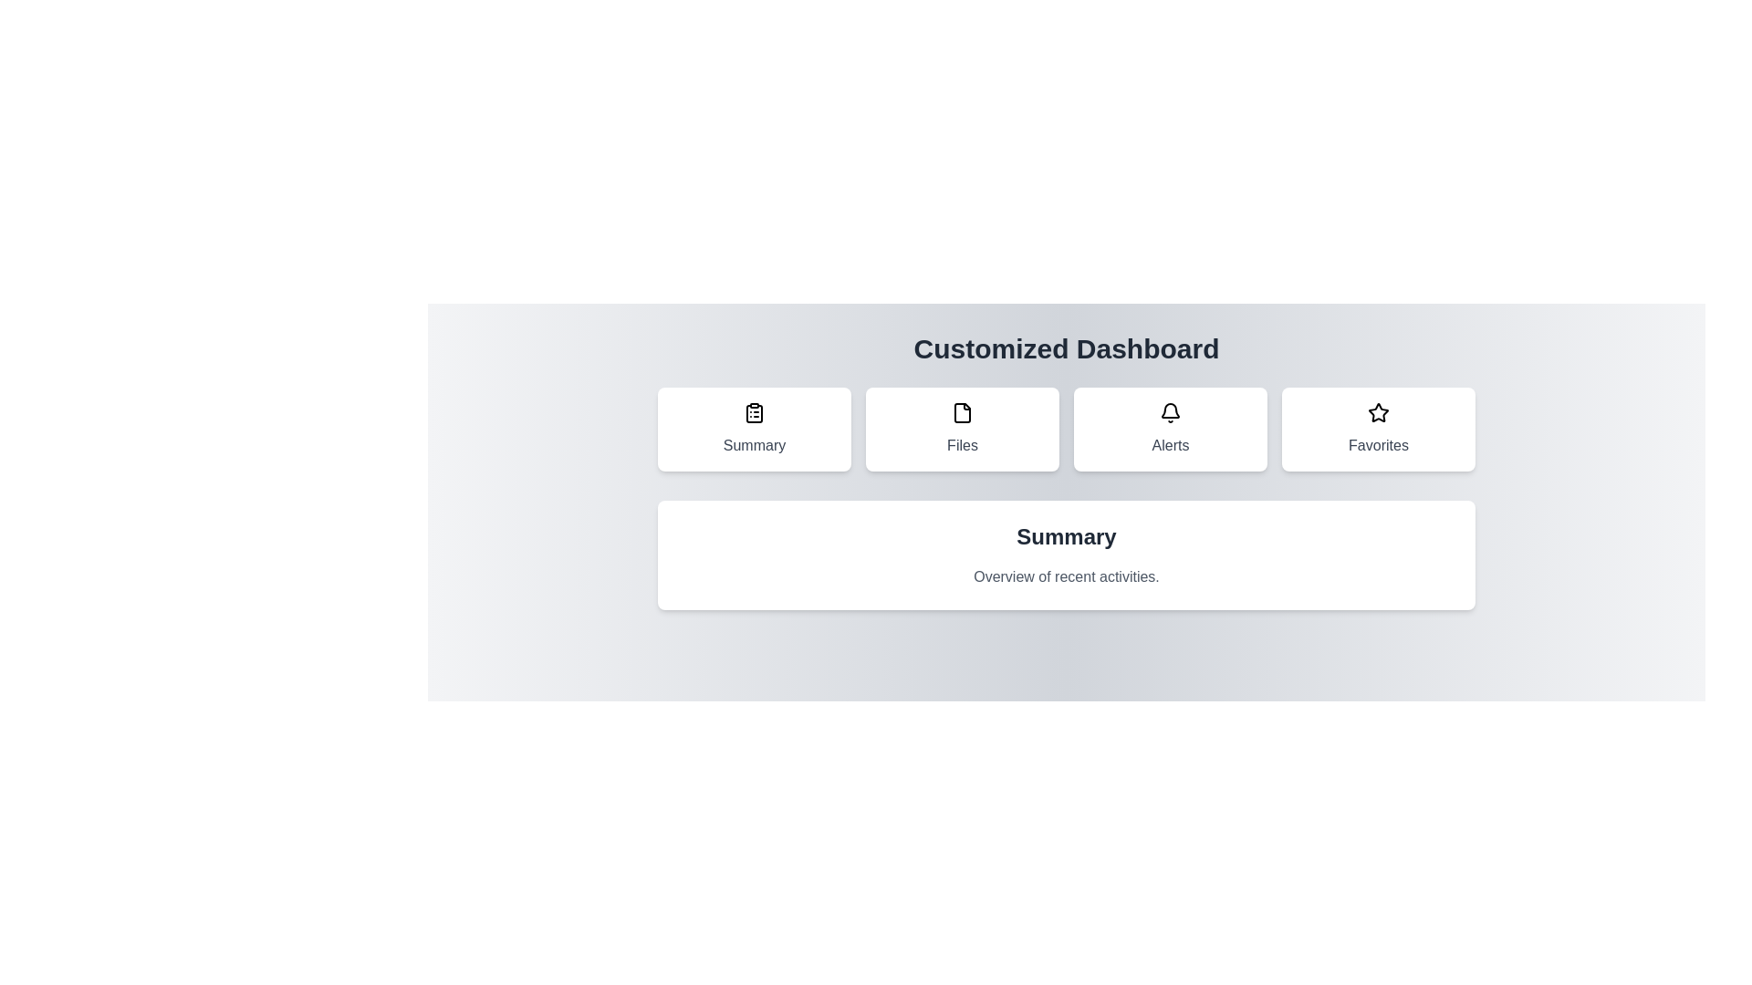  What do you see at coordinates (1067, 429) in the screenshot?
I see `the grid layout sections, which include 'Summary,' 'Files,' 'Alerts,' and 'Favorites,' to observe the hover effects` at bounding box center [1067, 429].